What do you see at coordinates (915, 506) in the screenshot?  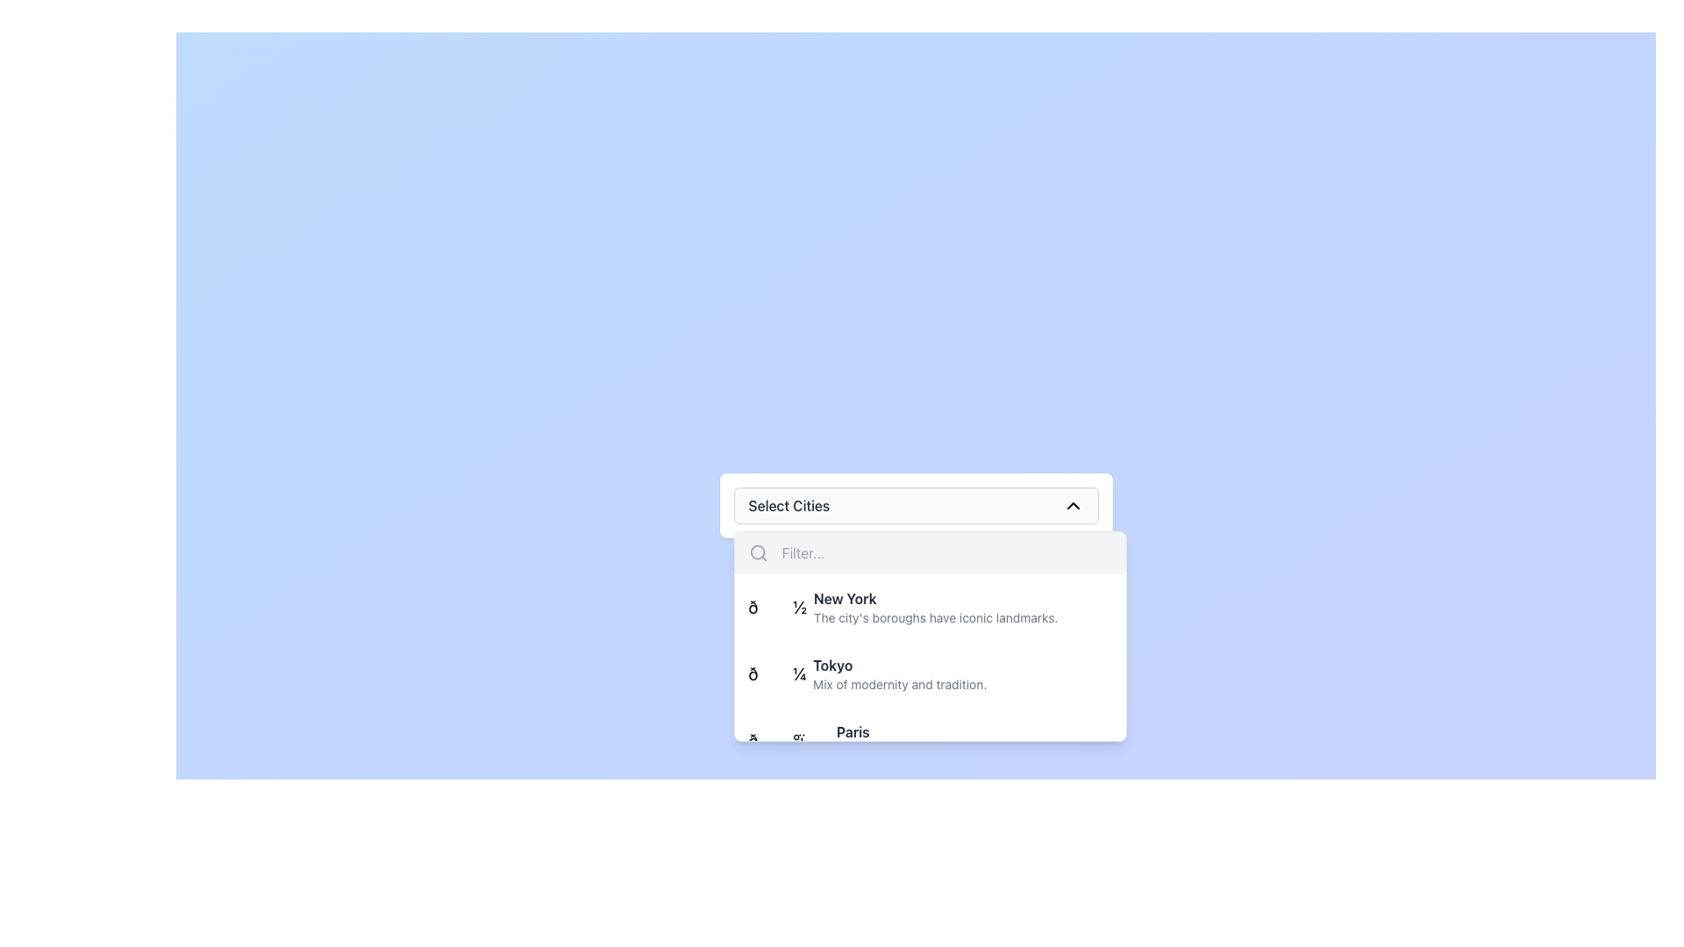 I see `the 'Select Cities' dropdown button, which is a rectangular button with a light gray background and a dark border` at bounding box center [915, 506].